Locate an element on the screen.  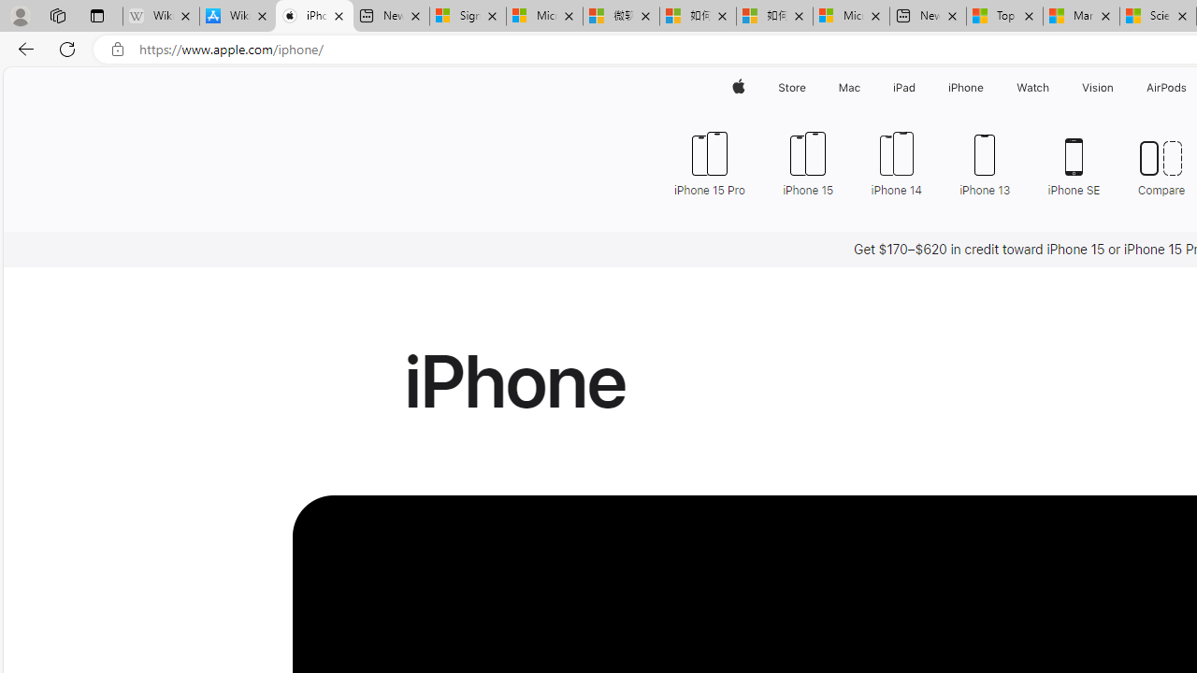
'iPhone 15' is located at coordinates (808, 161).